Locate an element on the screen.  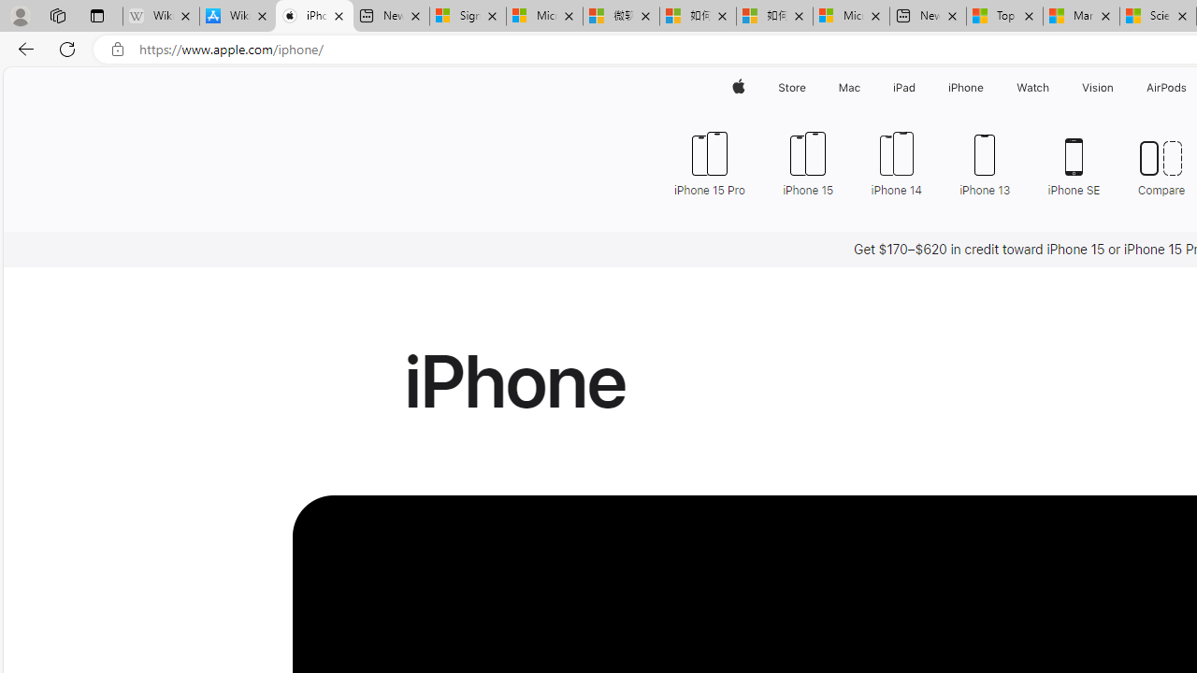
'iPhone 15' is located at coordinates (808, 161).